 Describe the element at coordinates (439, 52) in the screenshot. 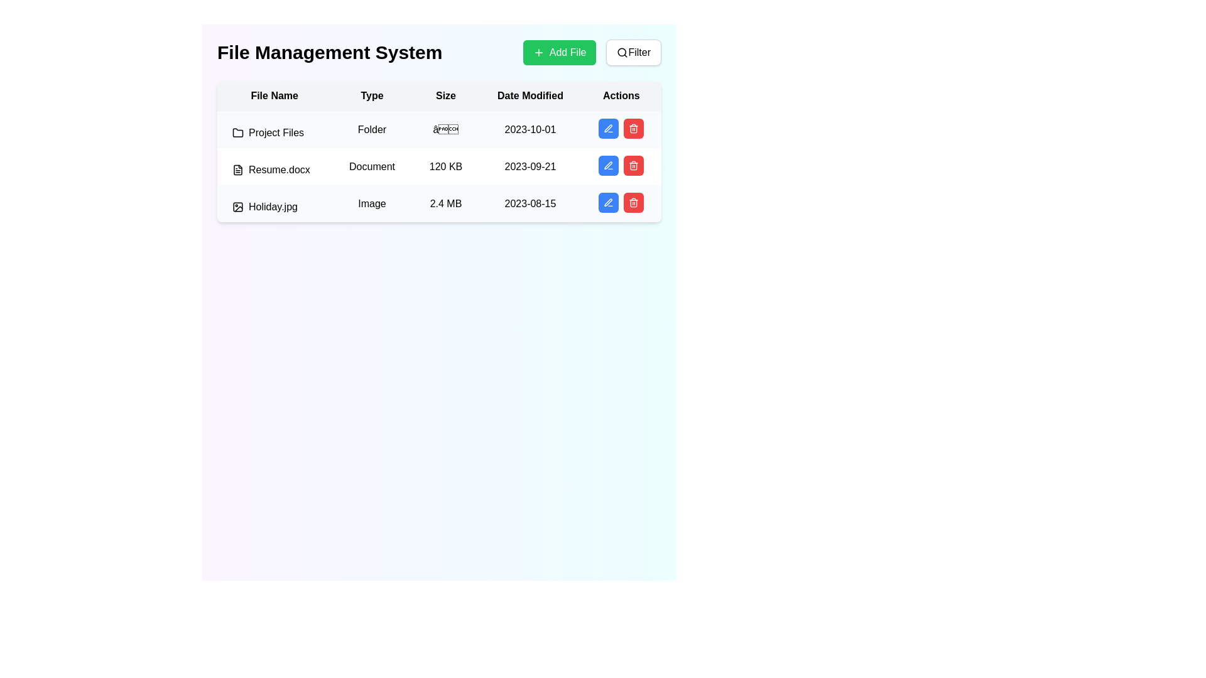

I see `the Header containing the bold title 'File Management System' and action buttons '+ Add File' and 'Filter'` at that location.